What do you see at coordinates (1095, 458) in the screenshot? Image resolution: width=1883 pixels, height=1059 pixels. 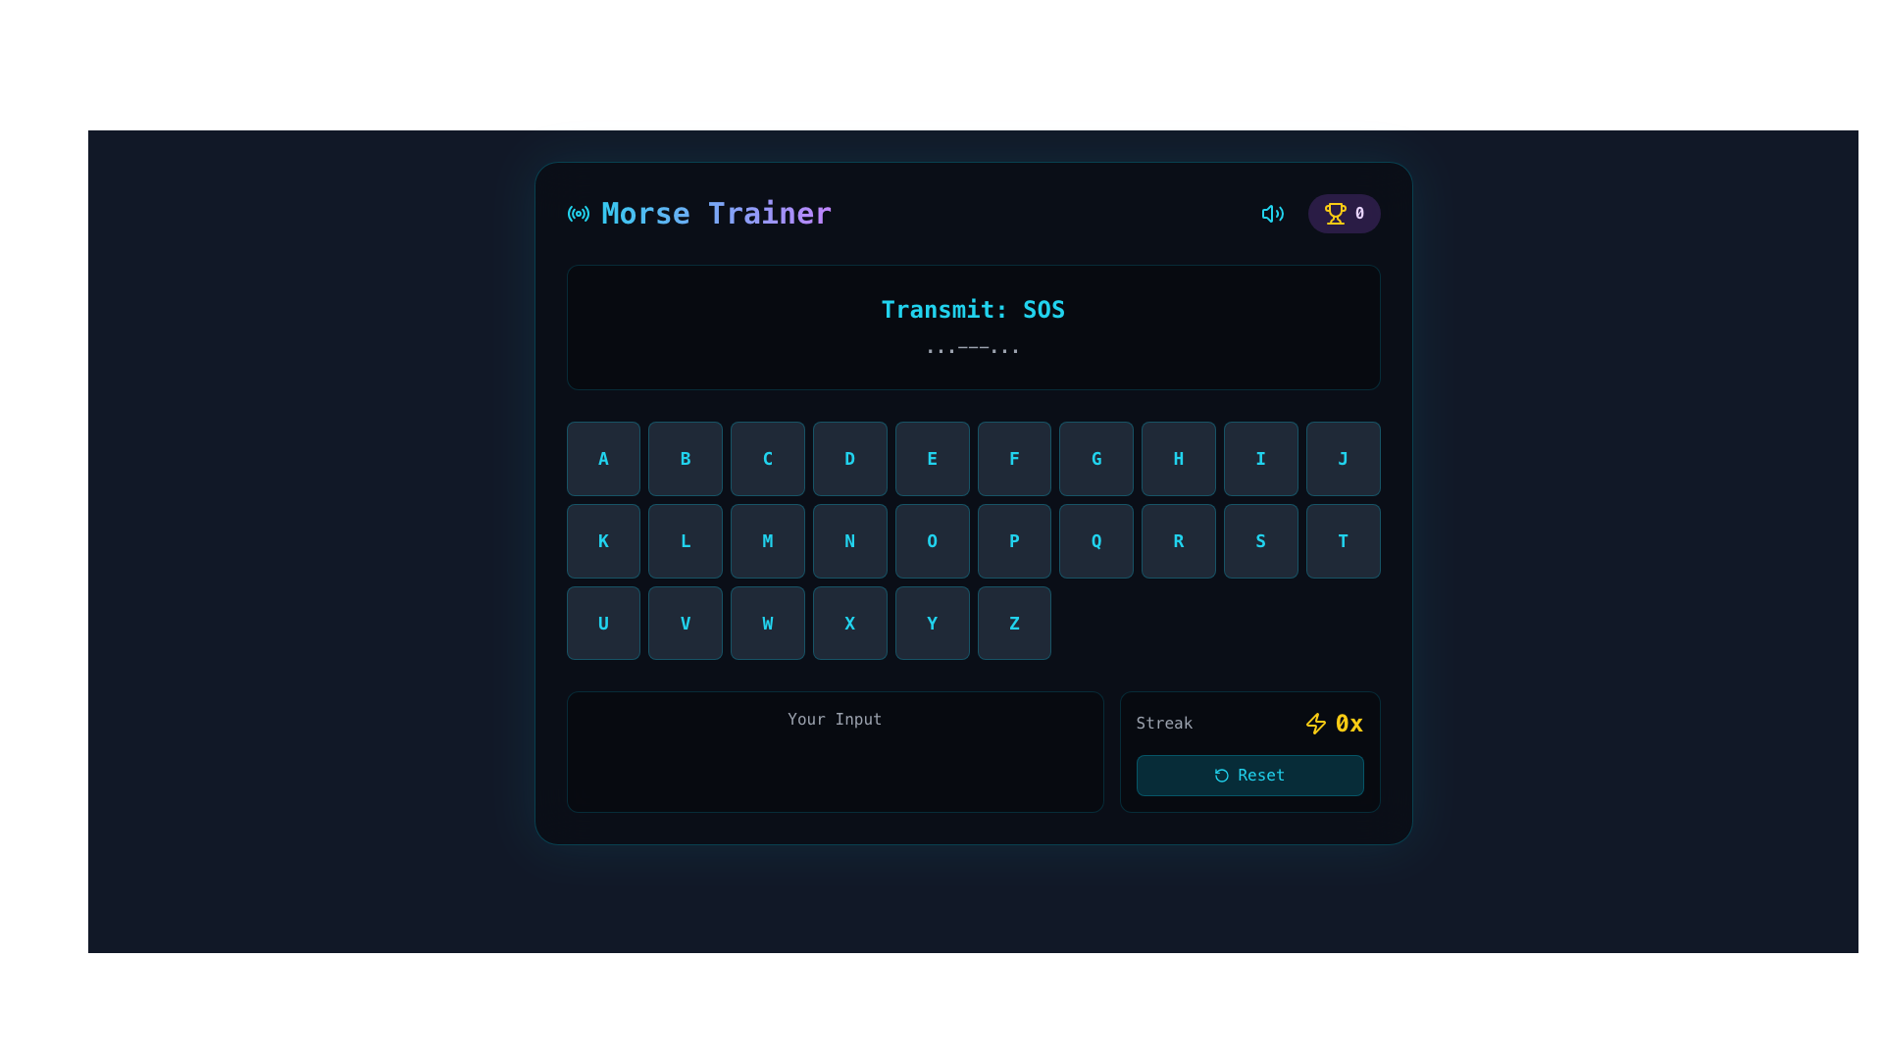 I see `the button labeled 'G' located in the second row, seventh column of the grid in the 'Morse Trainer' interface` at bounding box center [1095, 458].